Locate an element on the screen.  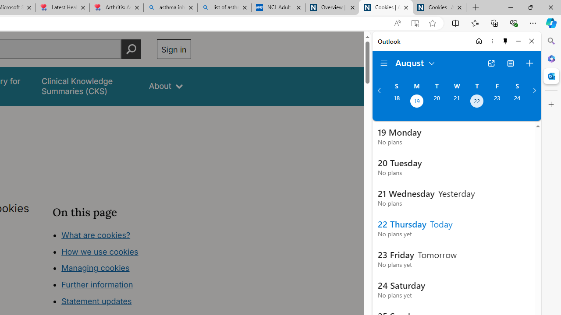
'Open in new tab' is located at coordinates (491, 63).